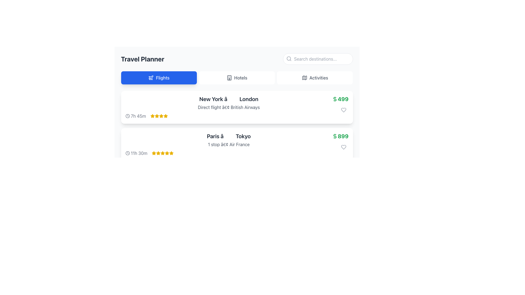  What do you see at coordinates (162, 78) in the screenshot?
I see `the navigation text label for flight bookings, which is positioned to the right of a plane icon in the navigation bar` at bounding box center [162, 78].